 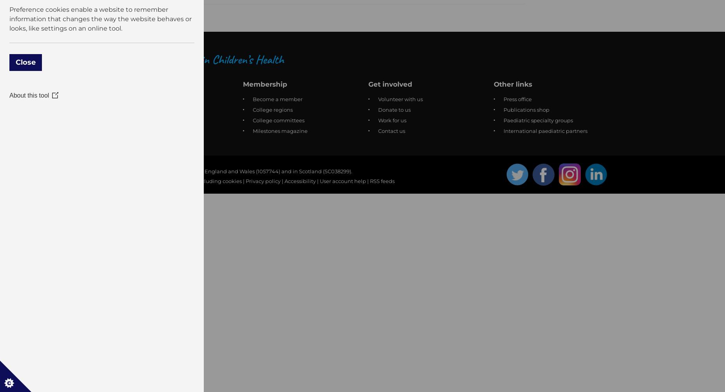 What do you see at coordinates (133, 83) in the screenshot?
I see `'About us'` at bounding box center [133, 83].